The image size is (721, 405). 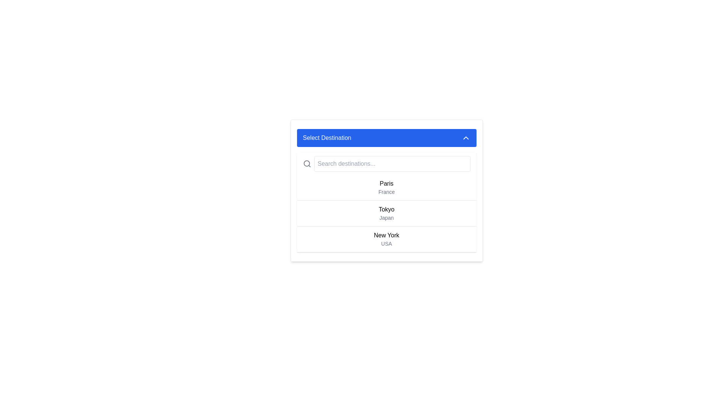 I want to click on the centrally located dropdown menu, so click(x=386, y=190).